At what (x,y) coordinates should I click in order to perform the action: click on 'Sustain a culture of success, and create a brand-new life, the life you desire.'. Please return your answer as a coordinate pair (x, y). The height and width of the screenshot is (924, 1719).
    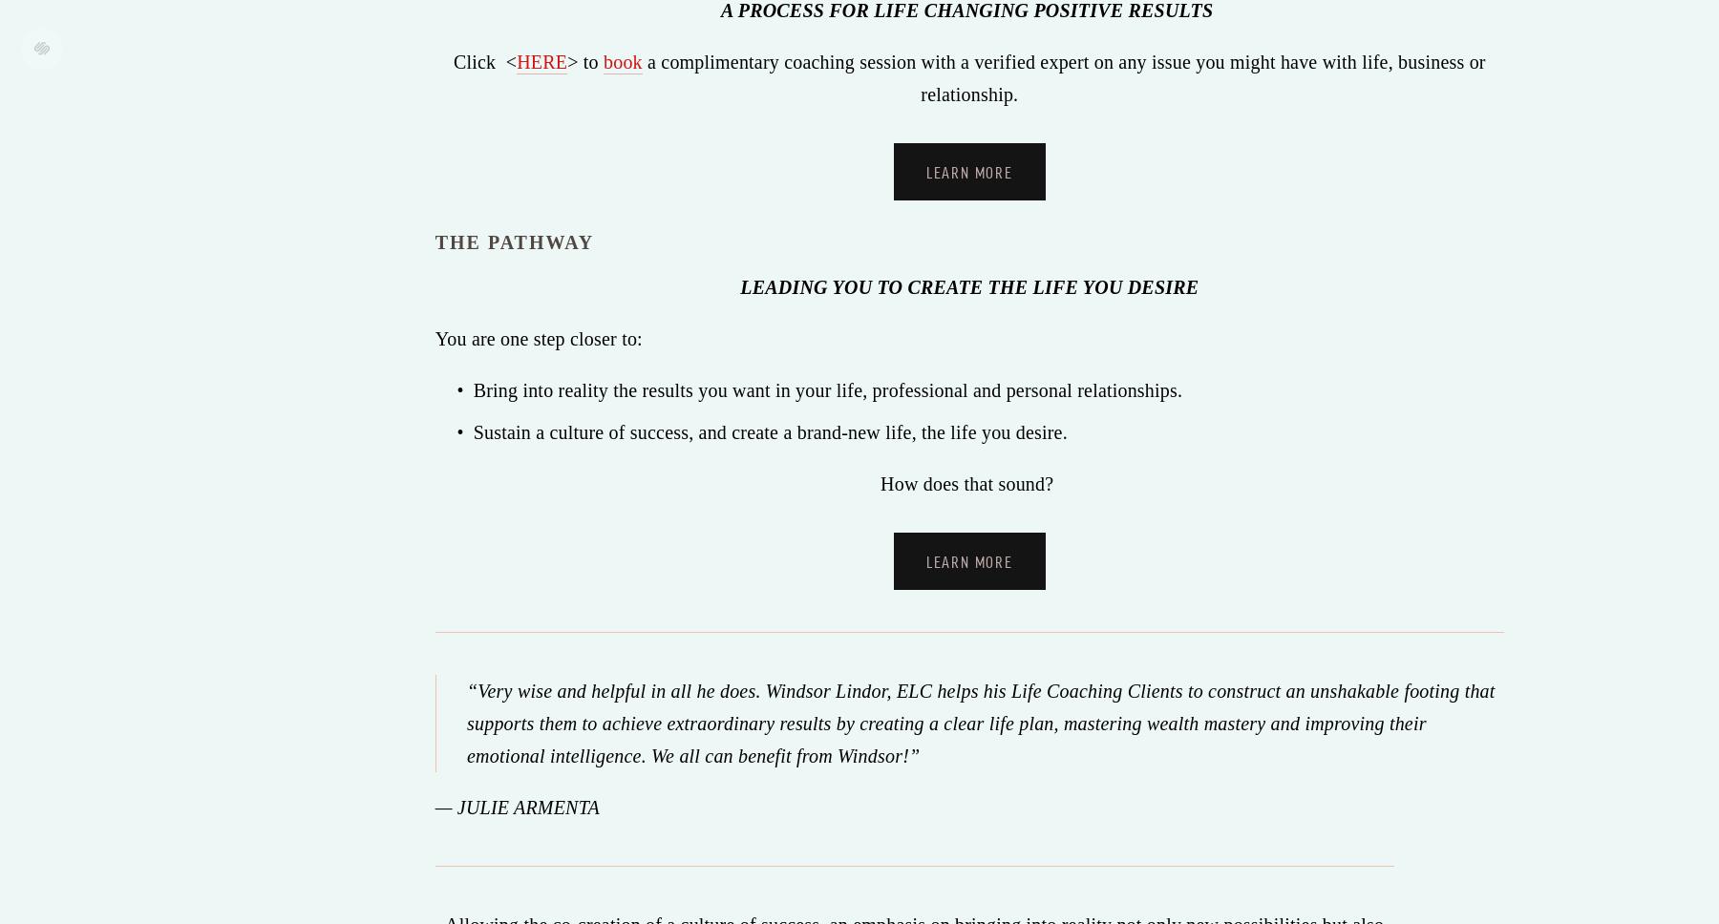
    Looking at the image, I should click on (472, 430).